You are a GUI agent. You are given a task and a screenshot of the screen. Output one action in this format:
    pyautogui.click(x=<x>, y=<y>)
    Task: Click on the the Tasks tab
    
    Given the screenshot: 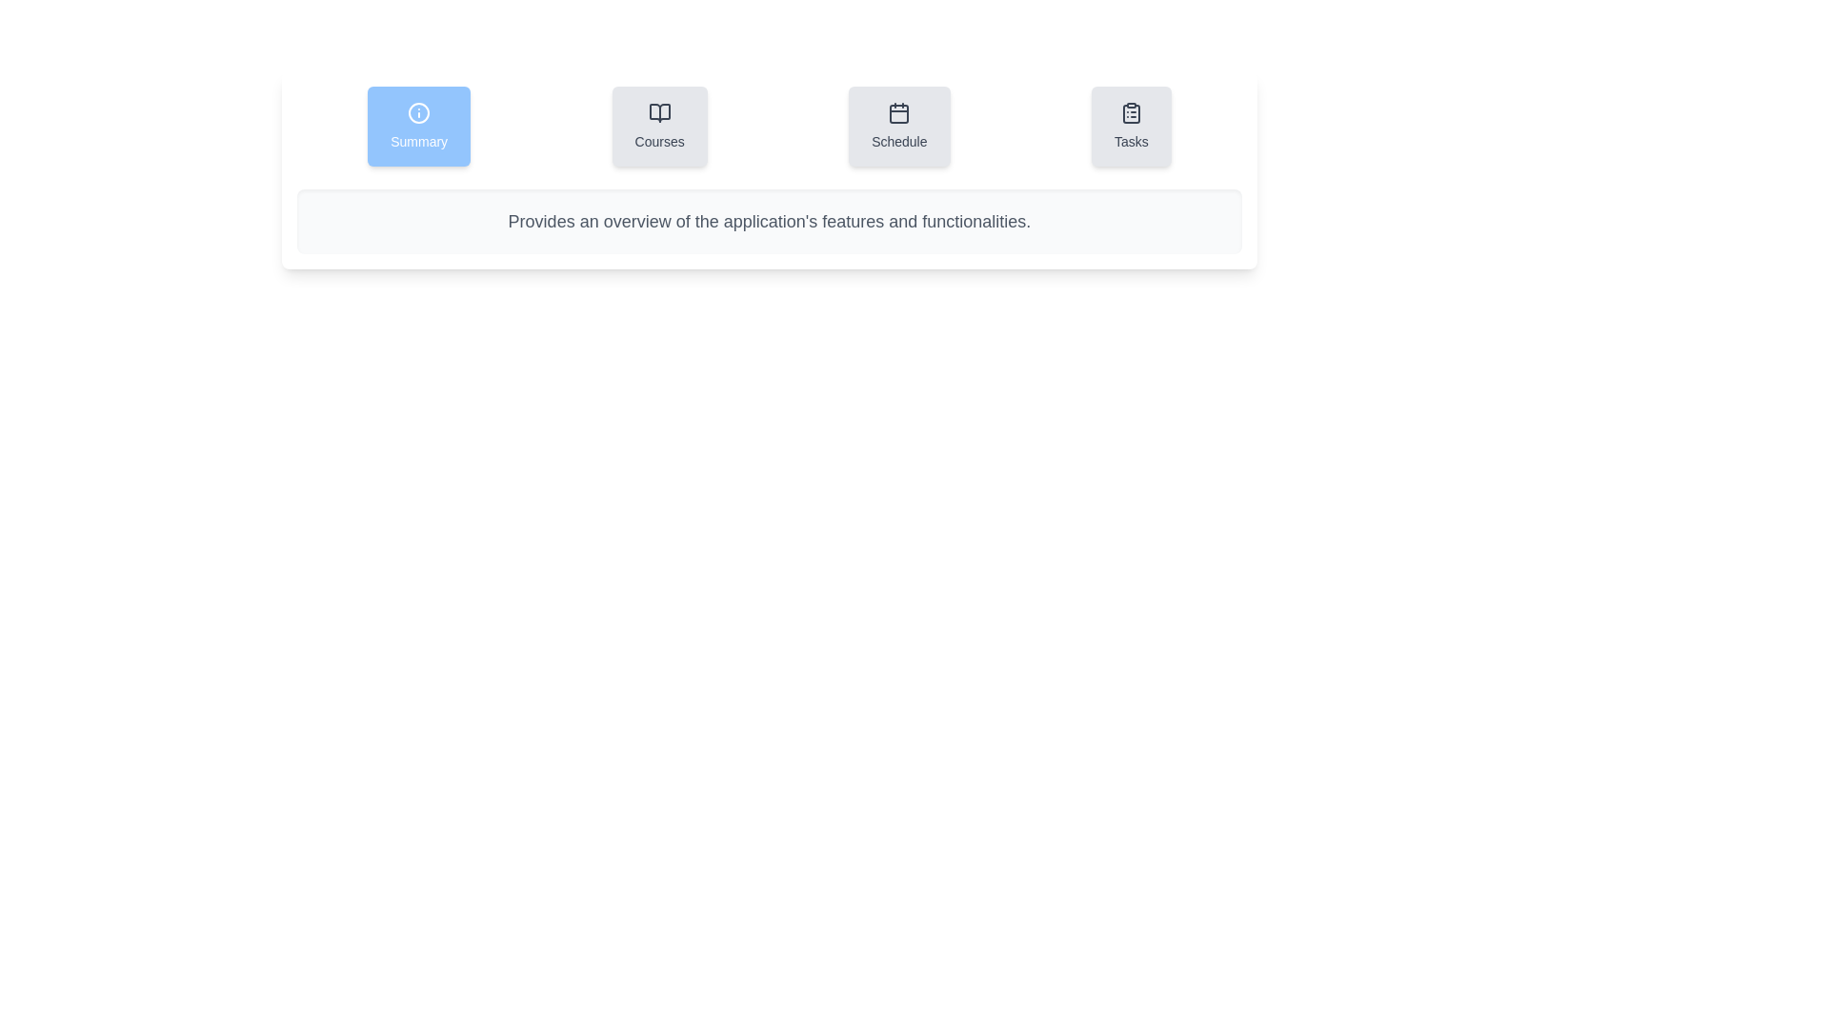 What is the action you would take?
    pyautogui.click(x=1132, y=126)
    